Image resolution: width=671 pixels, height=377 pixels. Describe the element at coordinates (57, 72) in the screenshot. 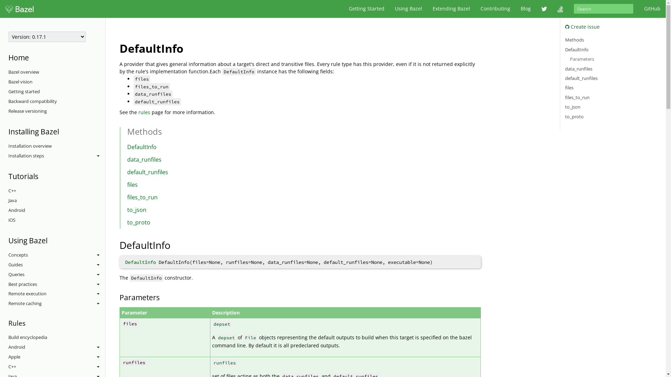

I see `'Bazel overview'` at that location.